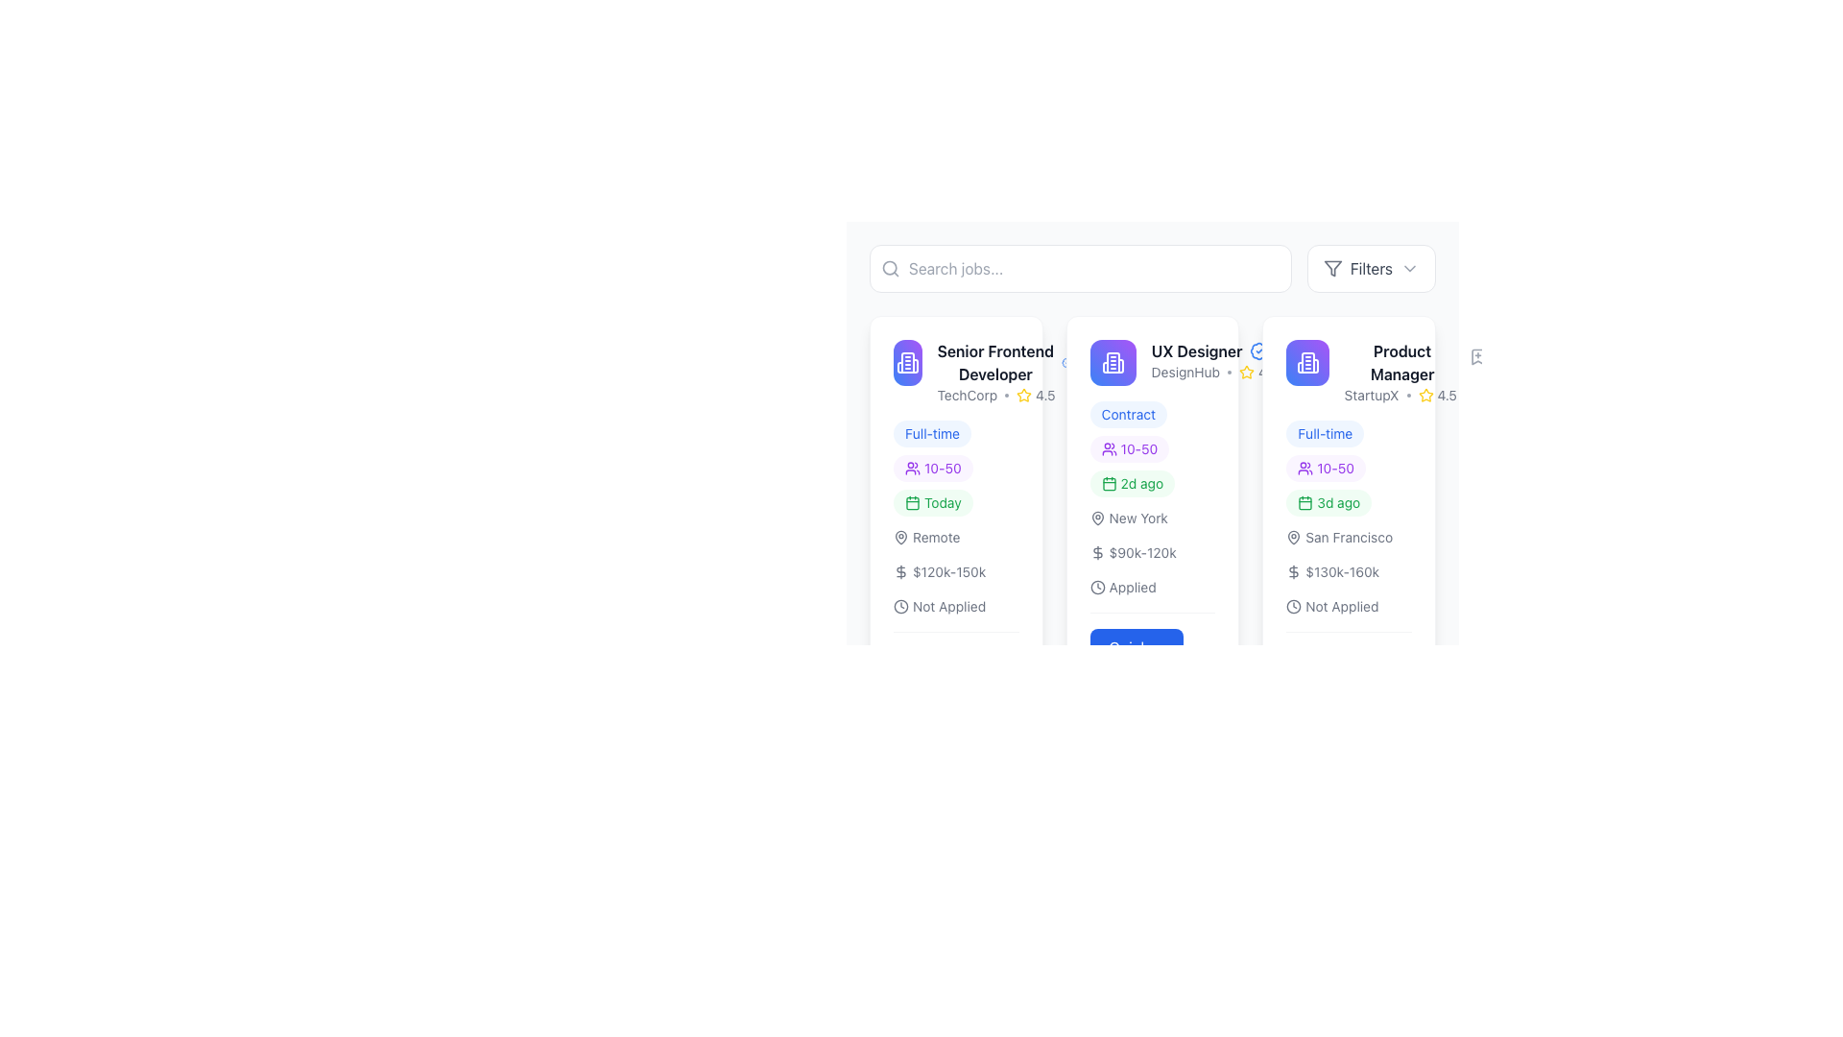  Describe the element at coordinates (1295, 356) in the screenshot. I see `the icon button located at the top-right corner of the card, below the text 'Product Manager' and 'StartupX'` at that location.